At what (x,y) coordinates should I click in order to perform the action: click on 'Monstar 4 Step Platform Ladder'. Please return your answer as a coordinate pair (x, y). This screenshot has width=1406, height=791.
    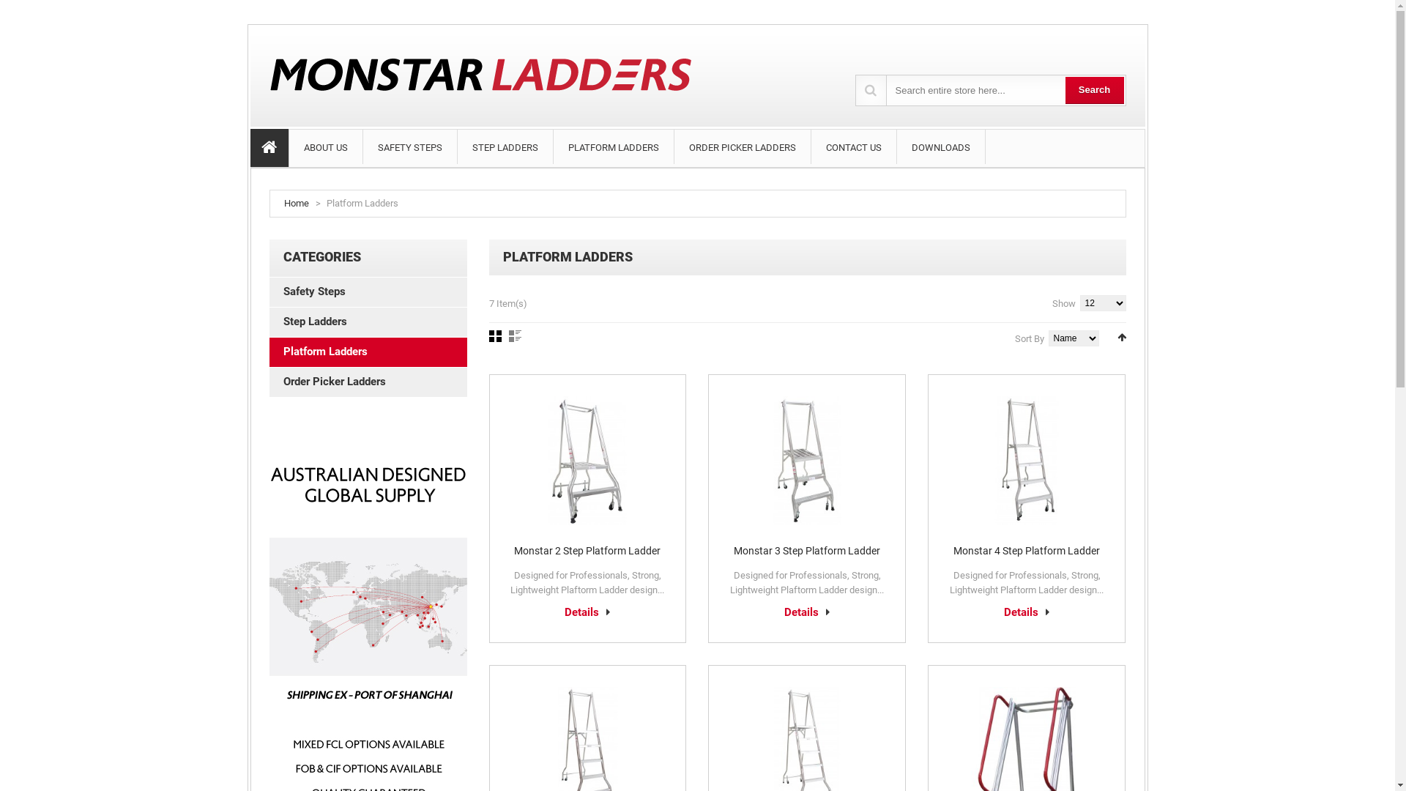
    Looking at the image, I should click on (1025, 551).